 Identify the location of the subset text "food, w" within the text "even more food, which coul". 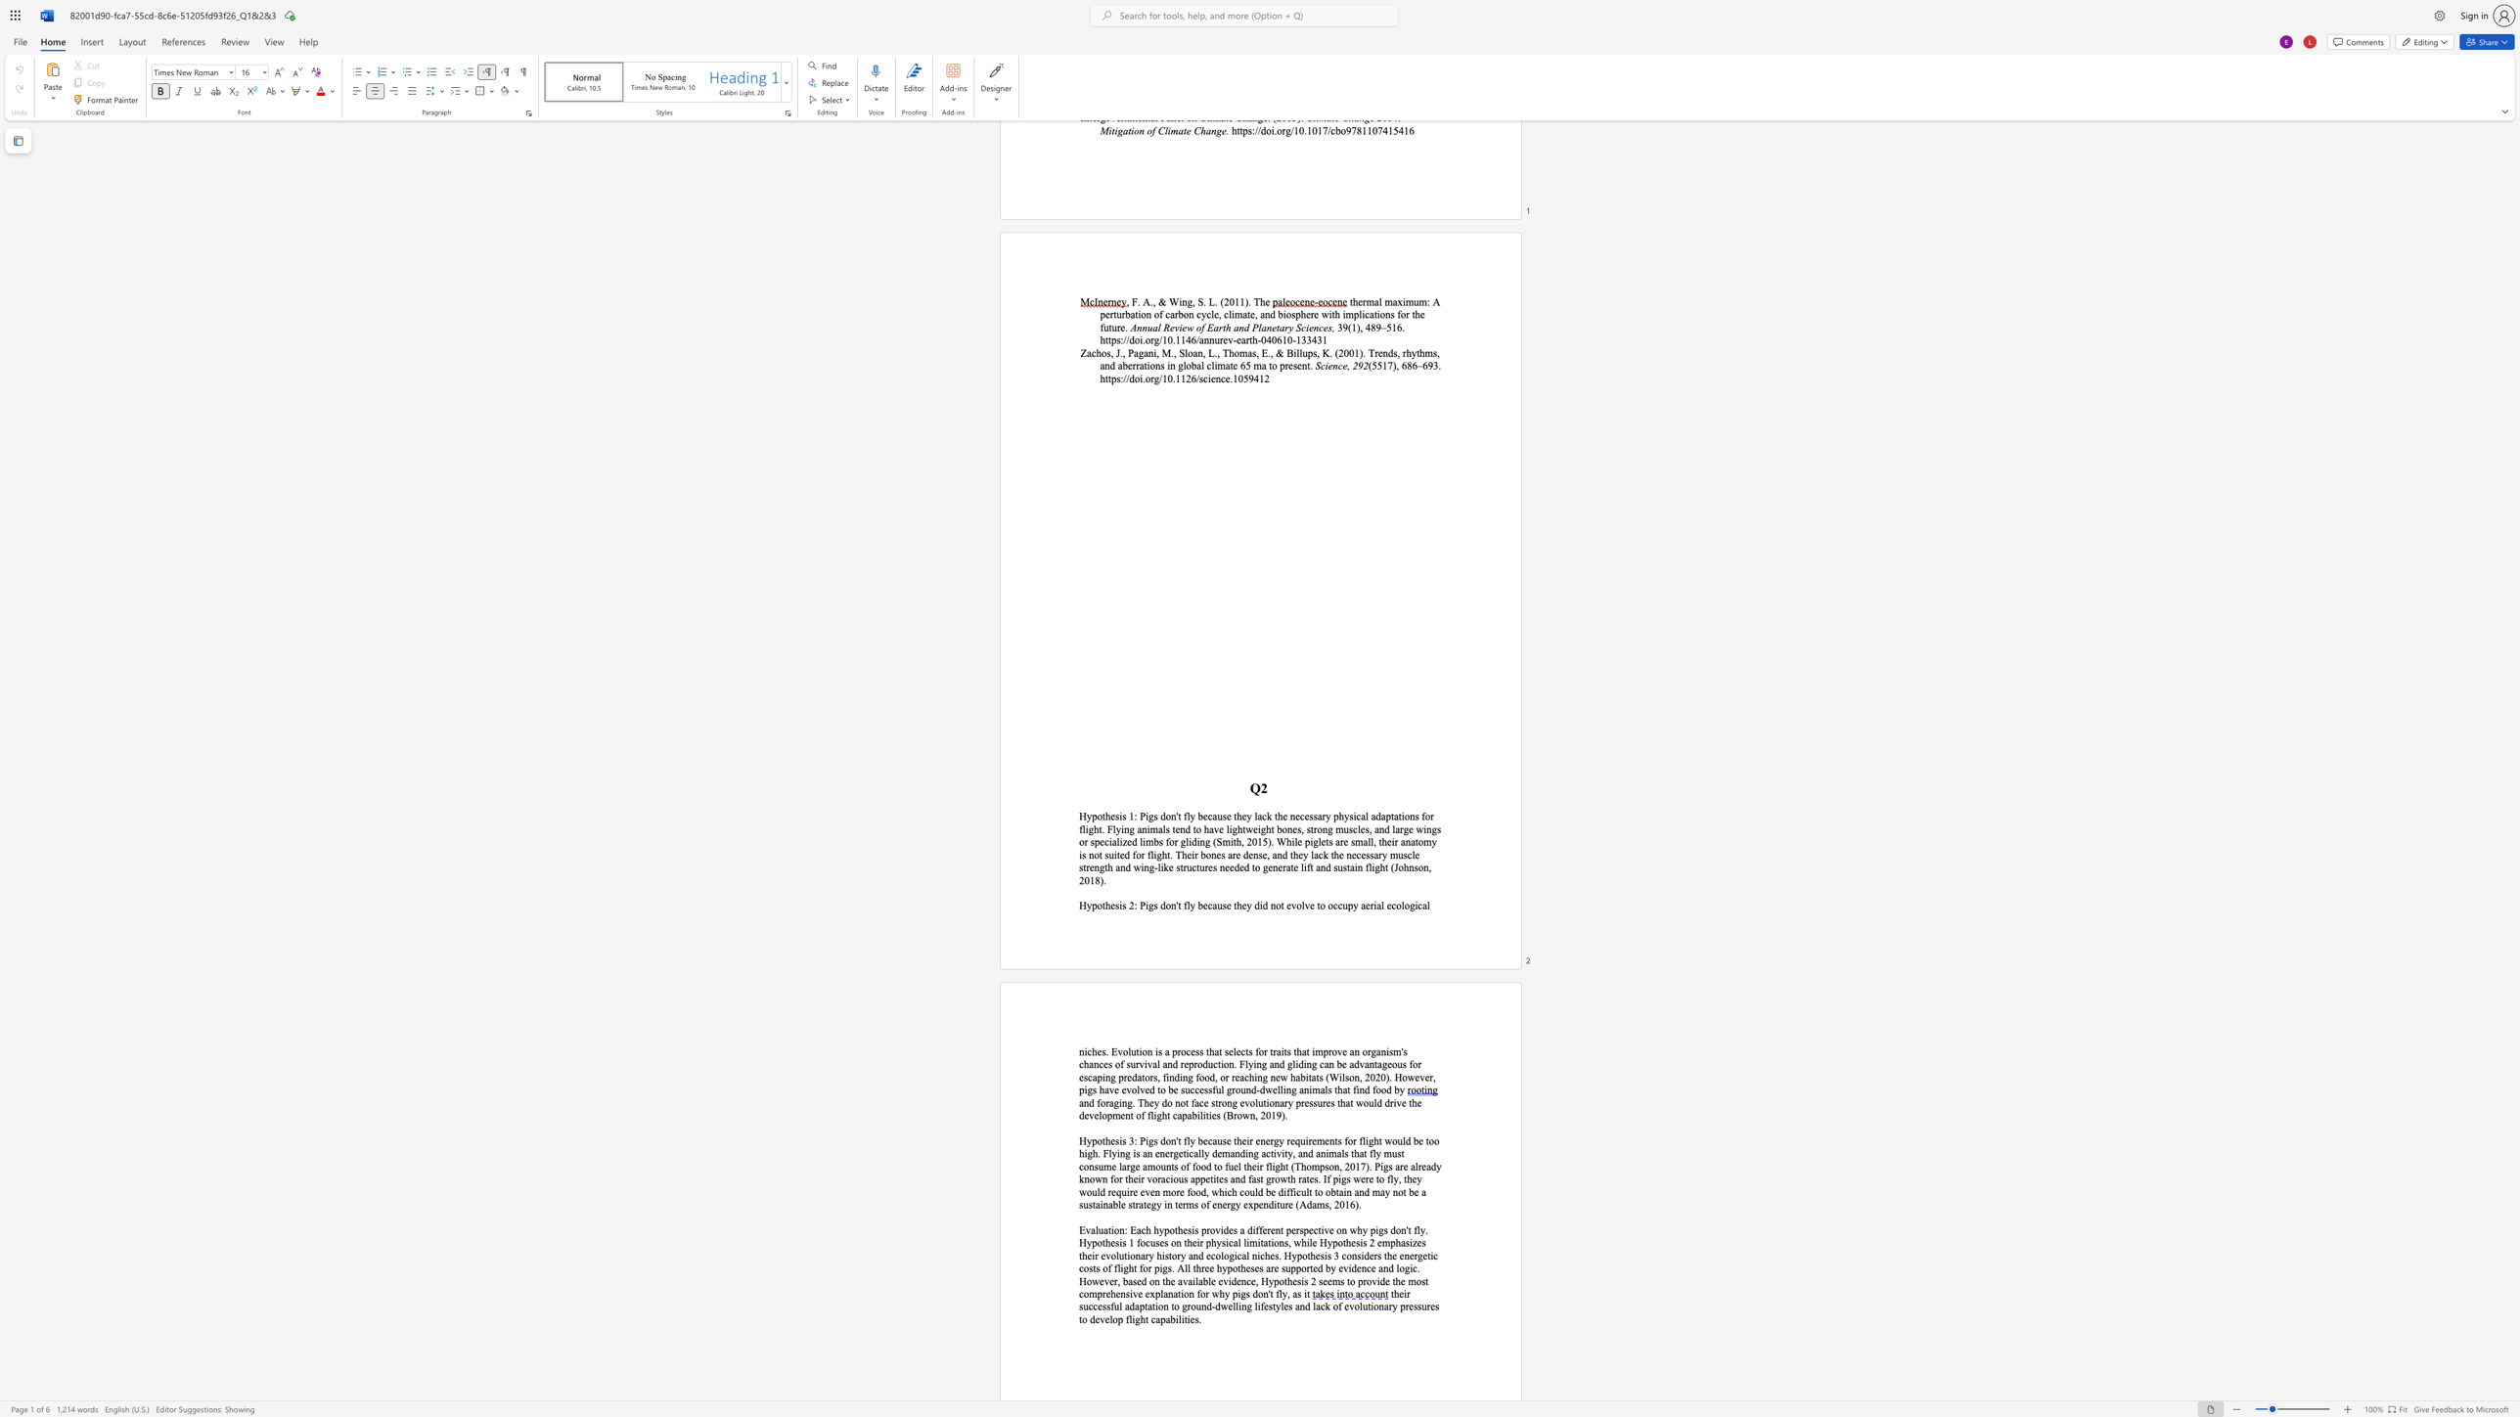
(1188, 1192).